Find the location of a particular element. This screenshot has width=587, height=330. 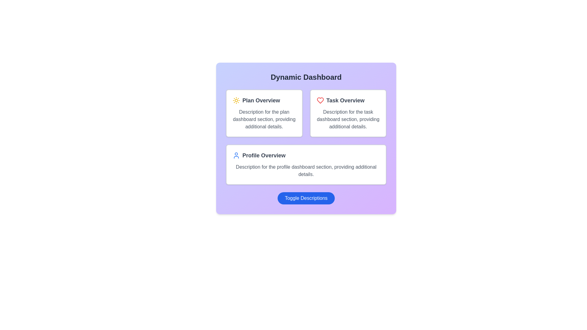

text label displaying 'Task Overview', which is styled in bold and dark gray color, located next to a heart icon in the top-right quadrant of the interface is located at coordinates (345, 100).